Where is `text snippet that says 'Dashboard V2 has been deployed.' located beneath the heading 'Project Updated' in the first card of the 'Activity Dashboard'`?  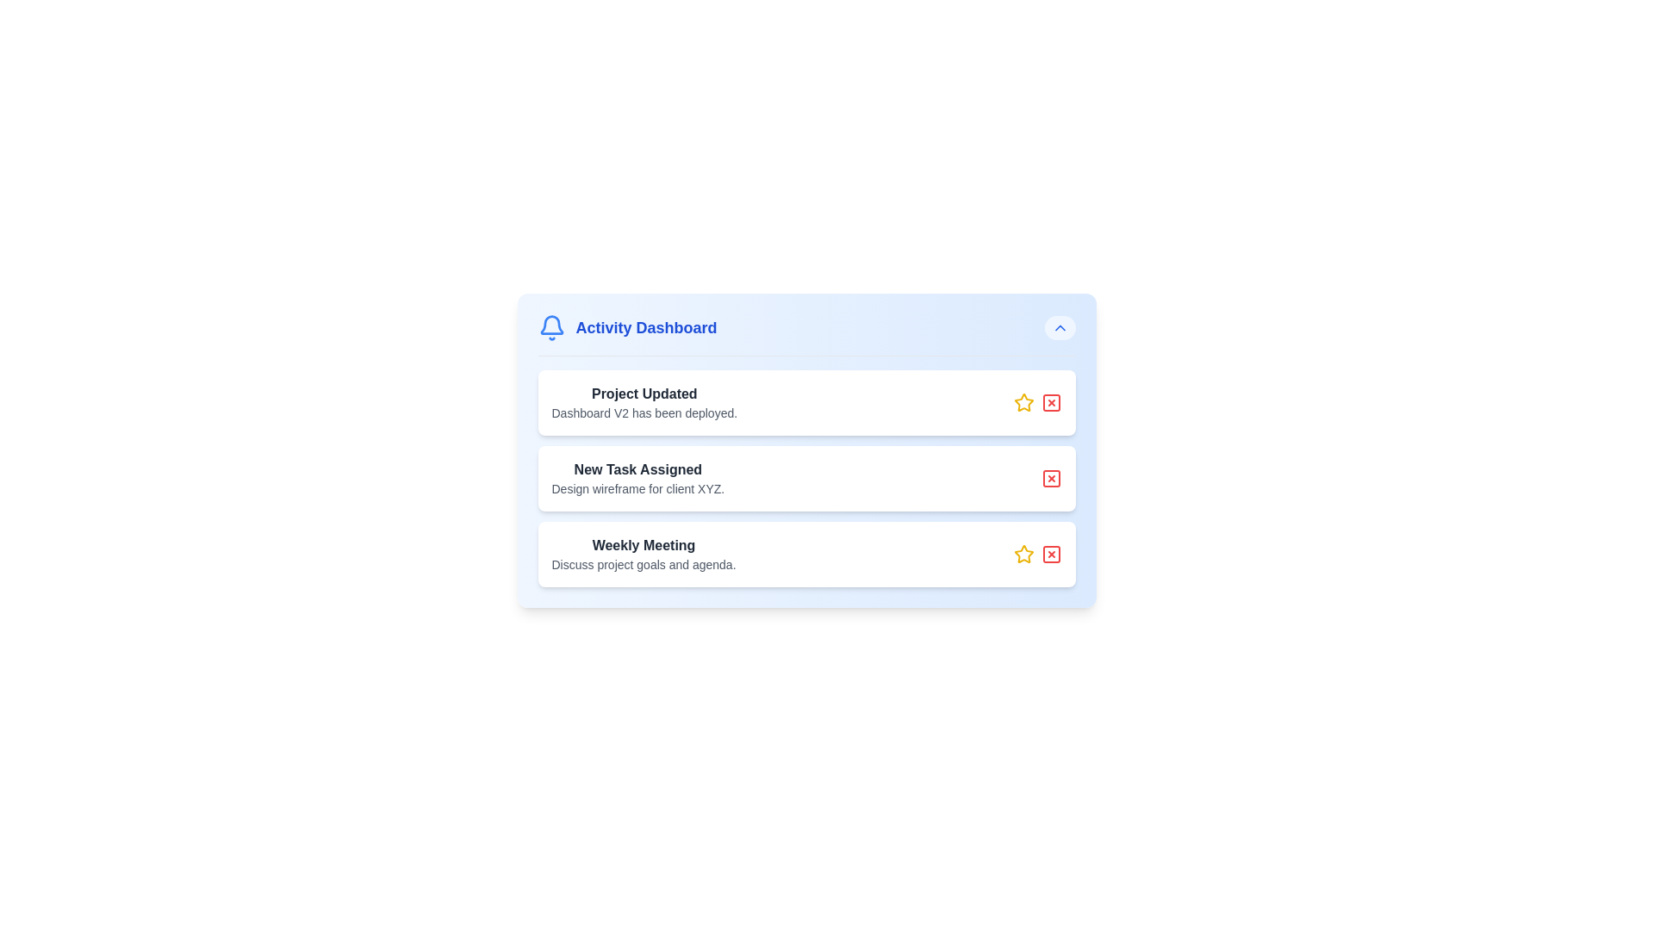 text snippet that says 'Dashboard V2 has been deployed.' located beneath the heading 'Project Updated' in the first card of the 'Activity Dashboard' is located at coordinates (644, 412).